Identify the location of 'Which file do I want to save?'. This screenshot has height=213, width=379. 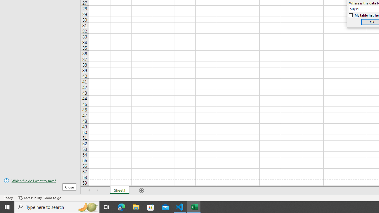
(40, 180).